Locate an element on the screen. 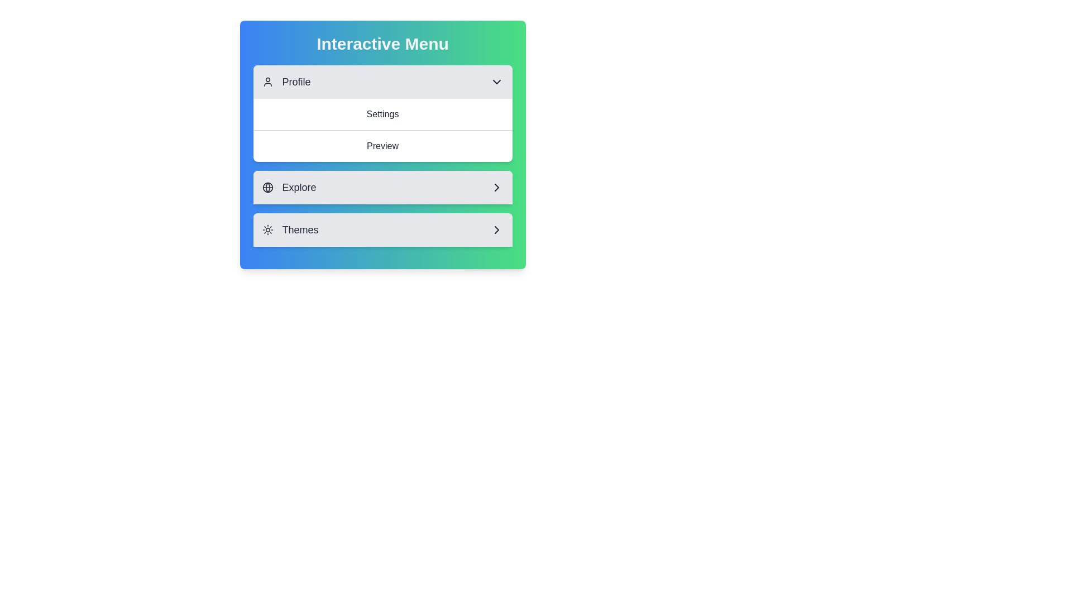 The width and height of the screenshot is (1072, 603). the text of the selected section: Explore is located at coordinates (382, 186).